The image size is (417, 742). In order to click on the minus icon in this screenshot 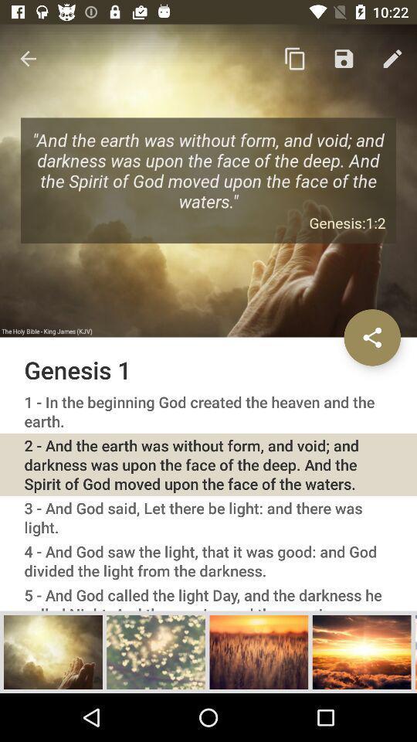, I will do `click(415, 651)`.